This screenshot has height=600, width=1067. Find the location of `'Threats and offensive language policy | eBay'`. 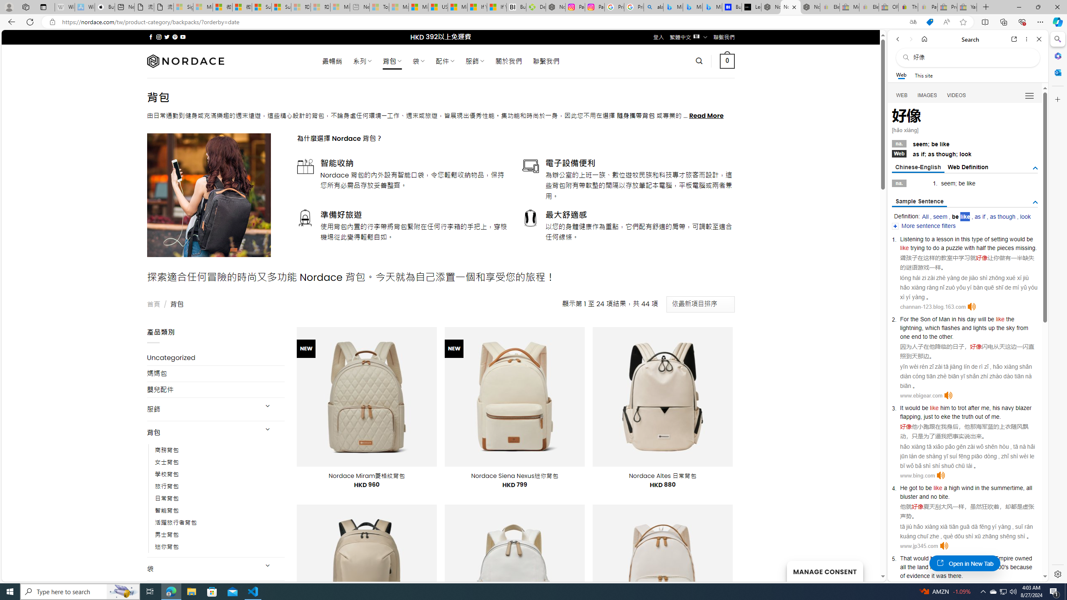

'Threats and offensive language policy | eBay' is located at coordinates (908, 7).